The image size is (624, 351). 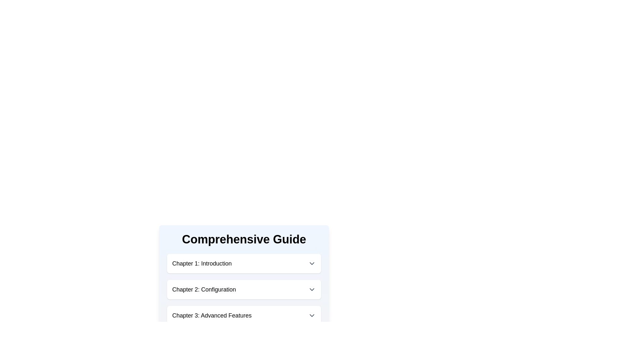 I want to click on the Collapsible List Item Header labeled 'Chapter 3: Advanced Features' for navigation actions, so click(x=243, y=315).